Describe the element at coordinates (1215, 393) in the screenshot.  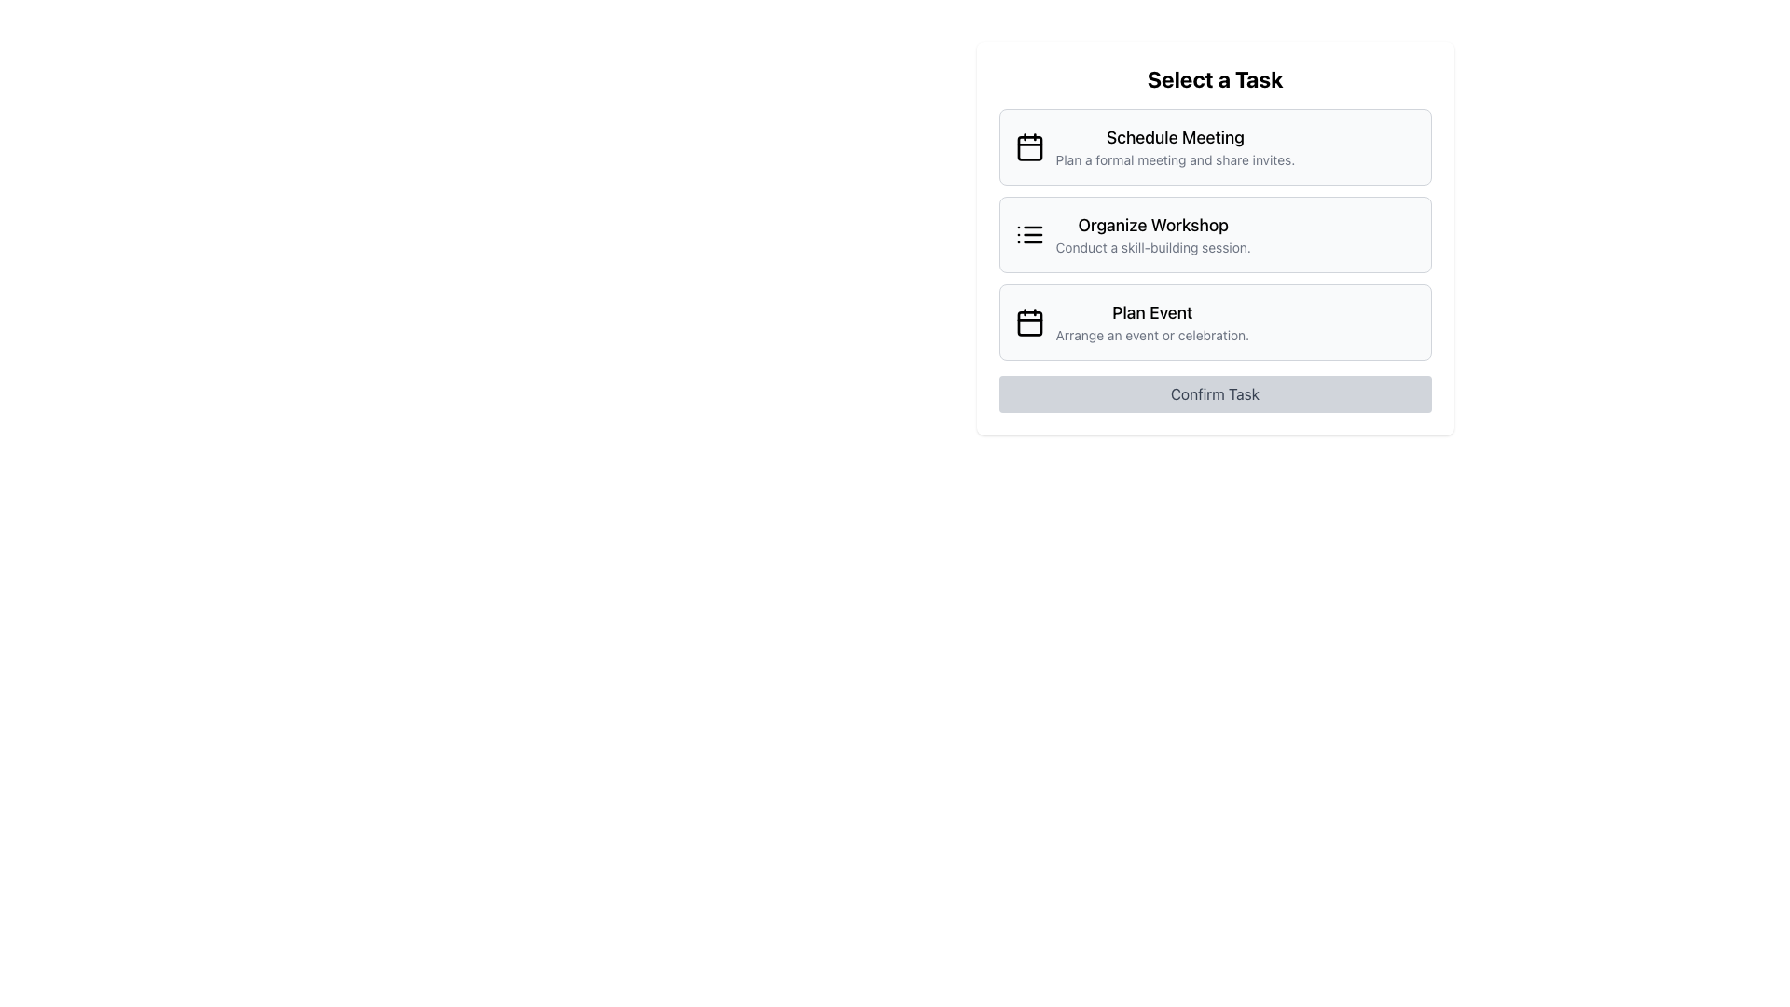
I see `the 'Confirm Task' button, which is a rectangular button with rounded edges, located at the bottom of the card-like UI, below the task options` at that location.